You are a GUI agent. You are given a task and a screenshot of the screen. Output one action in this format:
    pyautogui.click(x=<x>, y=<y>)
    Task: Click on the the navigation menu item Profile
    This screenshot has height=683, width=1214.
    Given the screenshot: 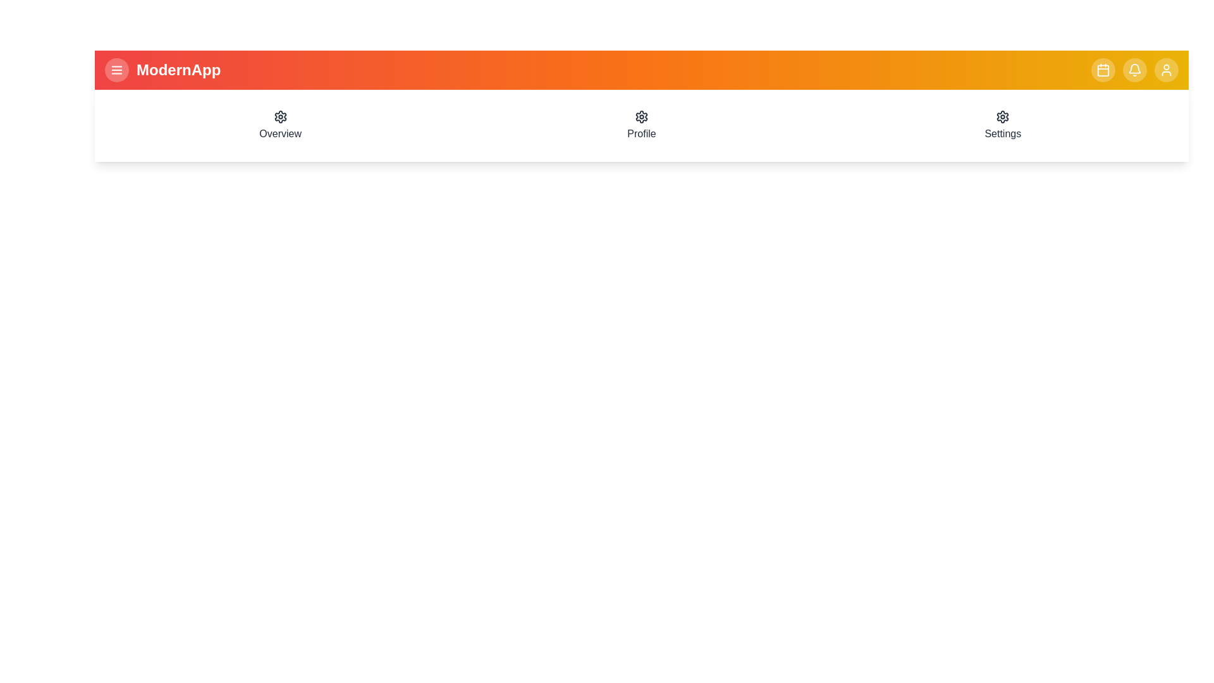 What is the action you would take?
    pyautogui.click(x=641, y=126)
    